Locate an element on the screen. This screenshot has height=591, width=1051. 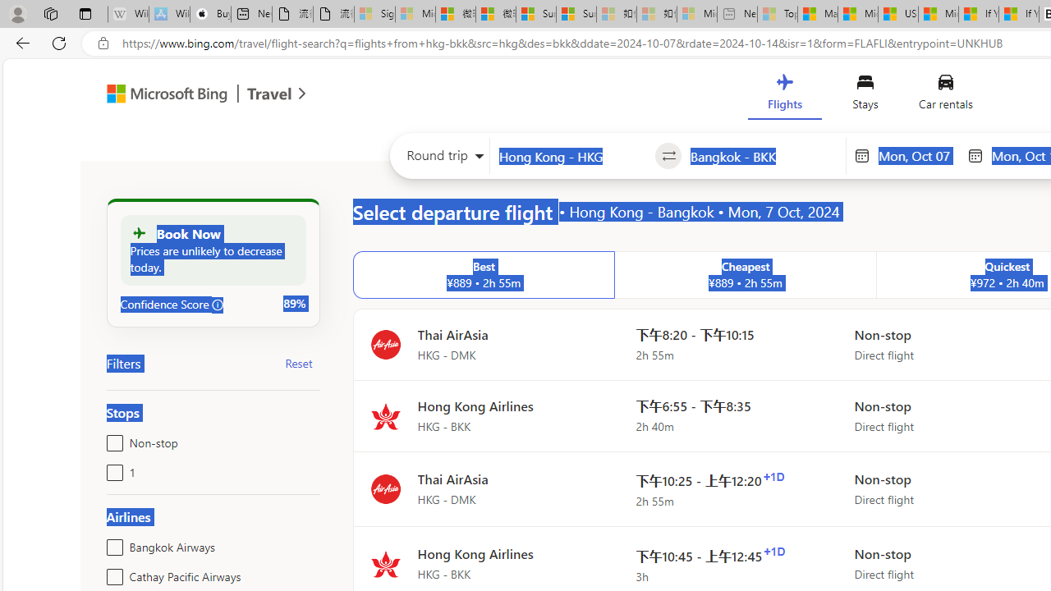
'Cathay Pacific Airways' is located at coordinates (111, 573).